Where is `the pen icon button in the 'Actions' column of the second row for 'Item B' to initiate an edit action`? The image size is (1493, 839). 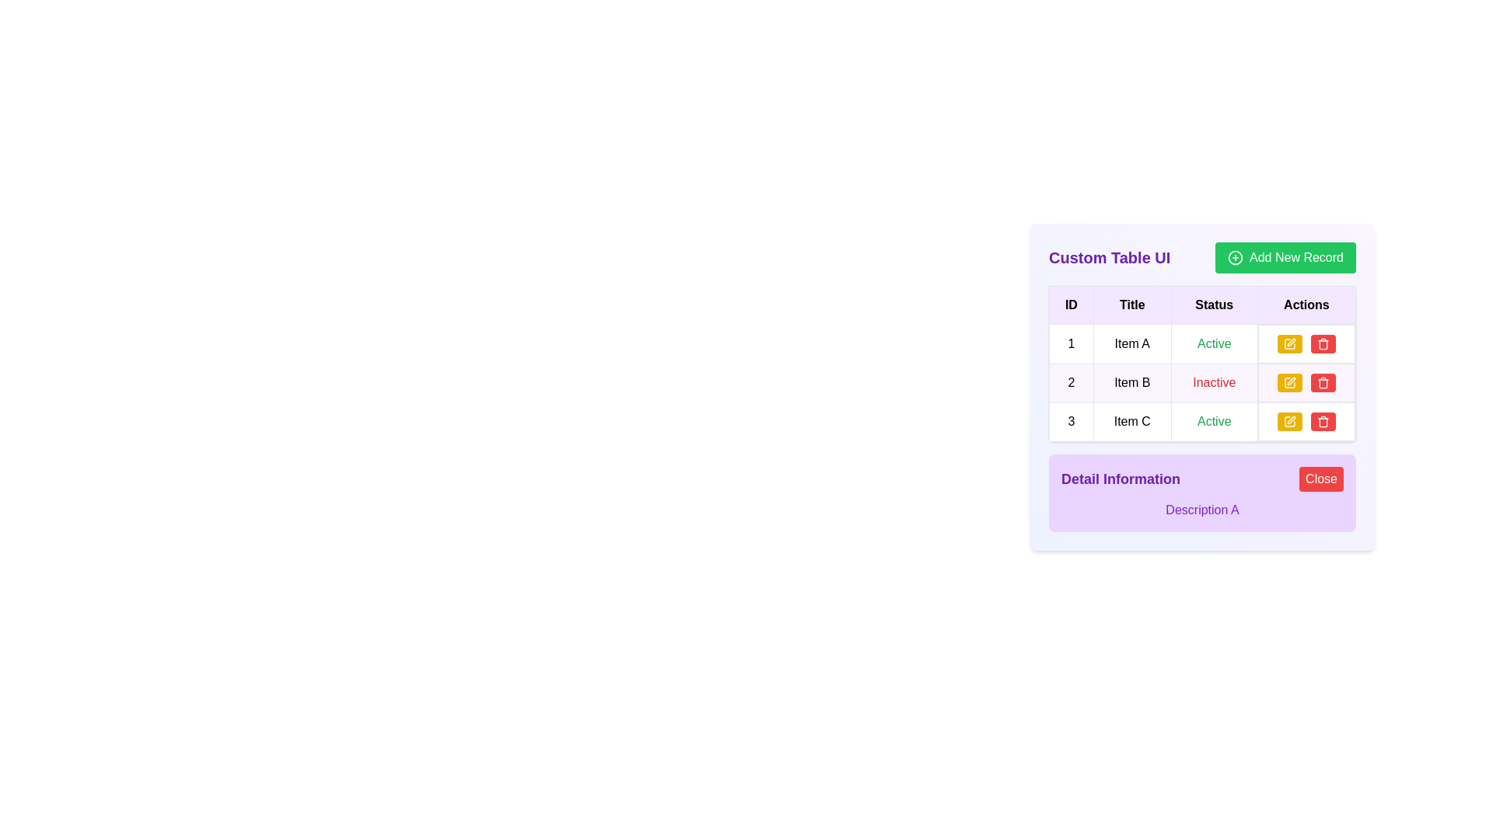
the pen icon button in the 'Actions' column of the second row for 'Item B' to initiate an edit action is located at coordinates (1291, 381).